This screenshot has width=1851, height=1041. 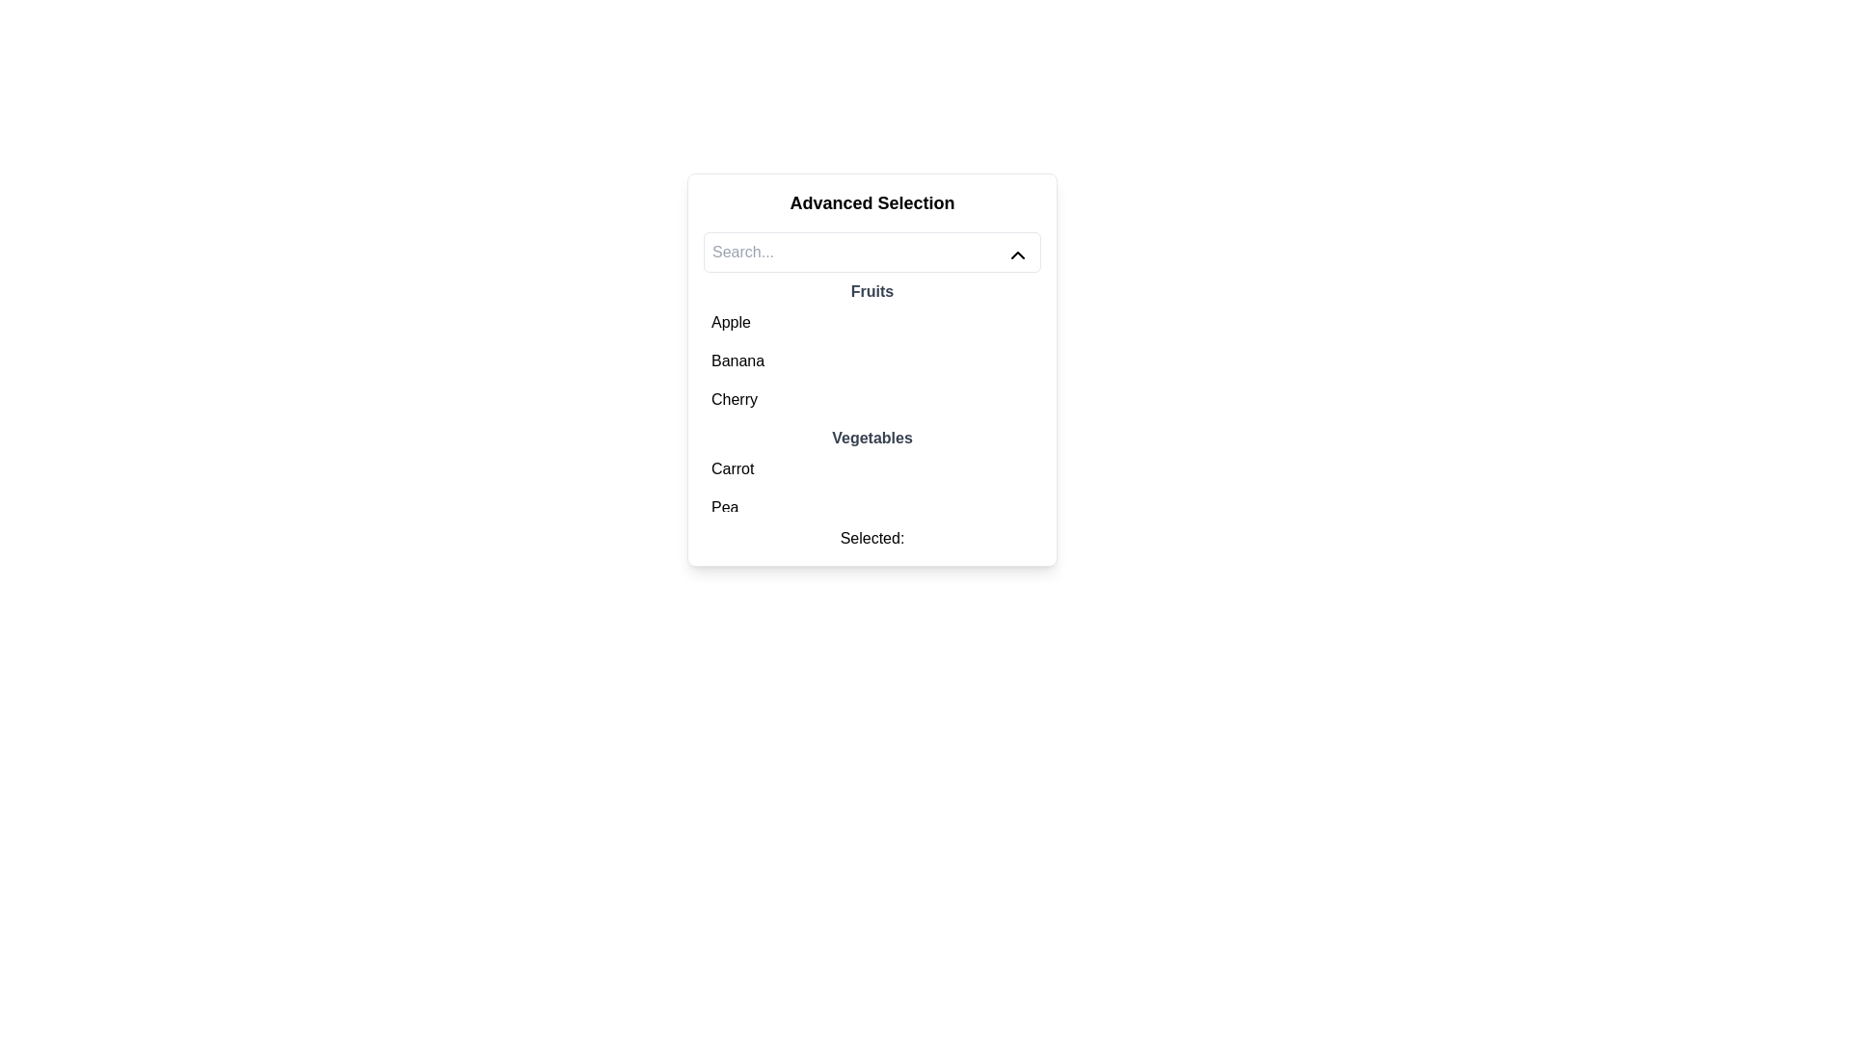 What do you see at coordinates (724, 507) in the screenshot?
I see `the text label 'Pea' within the interactive menu under the 'Vegetables' category` at bounding box center [724, 507].